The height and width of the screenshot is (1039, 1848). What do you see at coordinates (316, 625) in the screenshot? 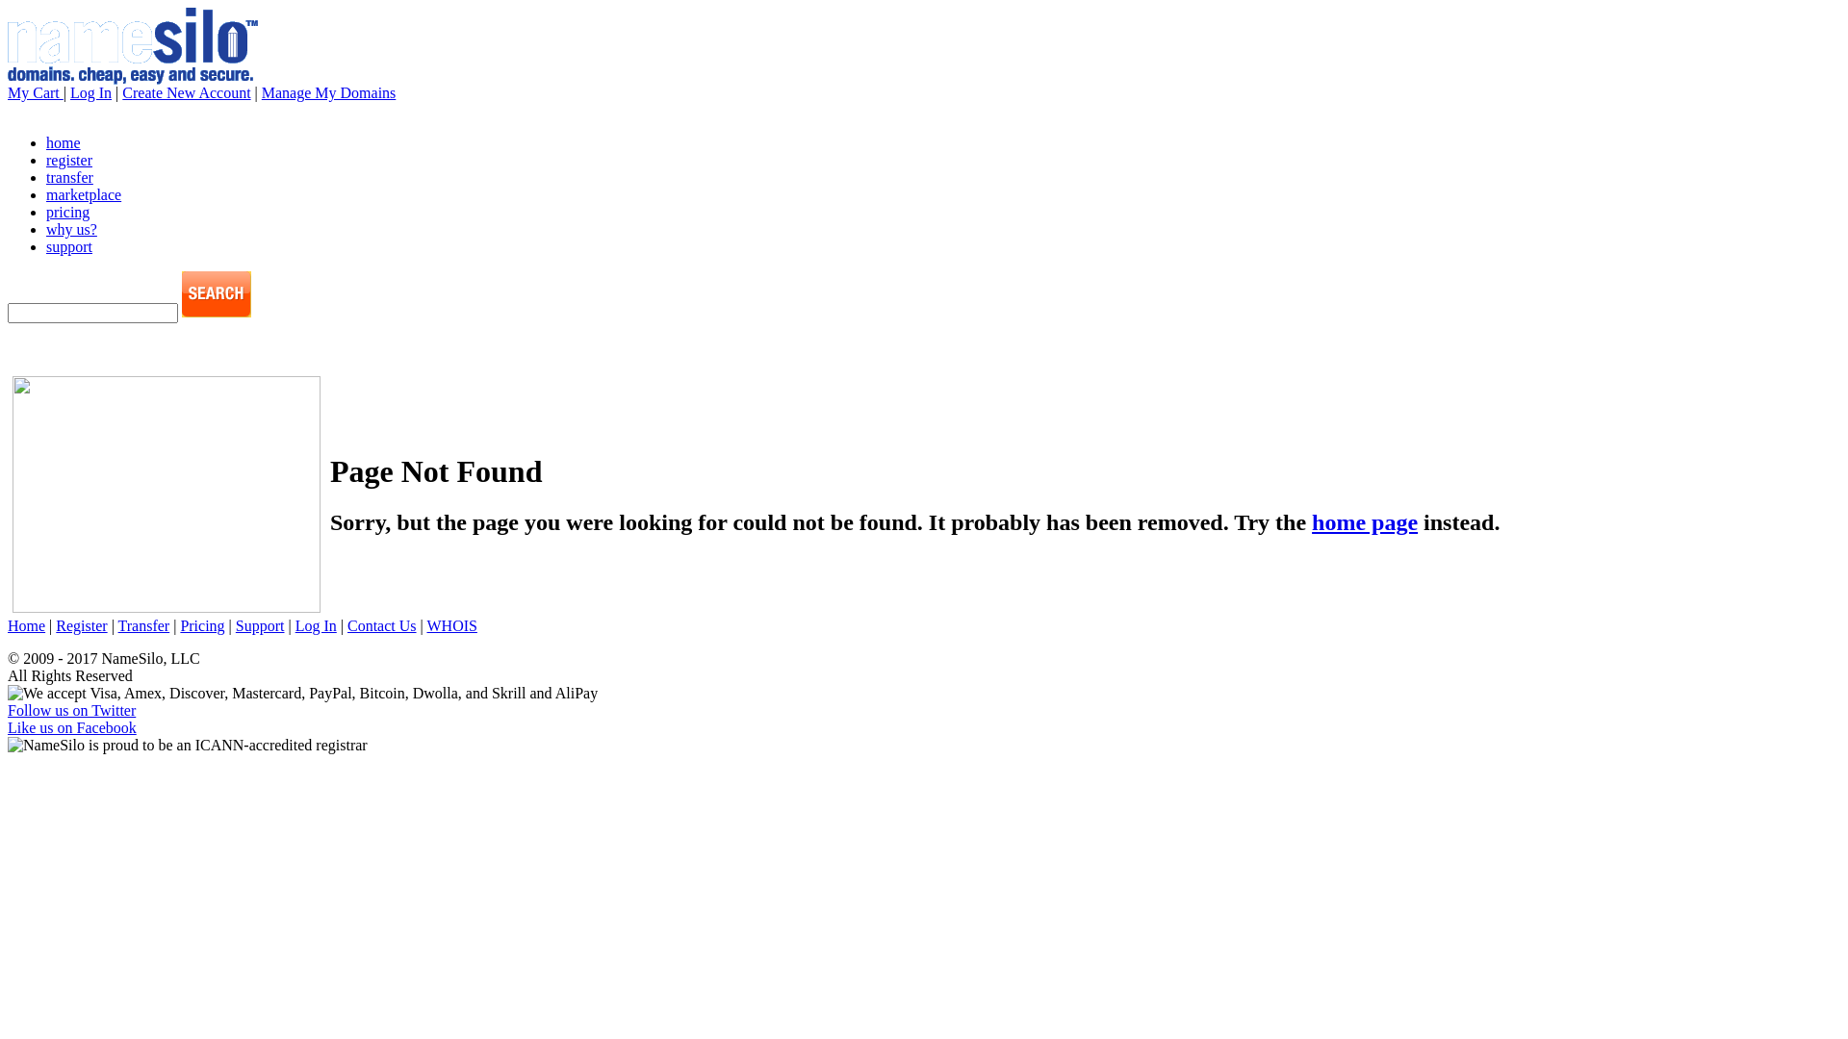
I see `'Log In'` at bounding box center [316, 625].